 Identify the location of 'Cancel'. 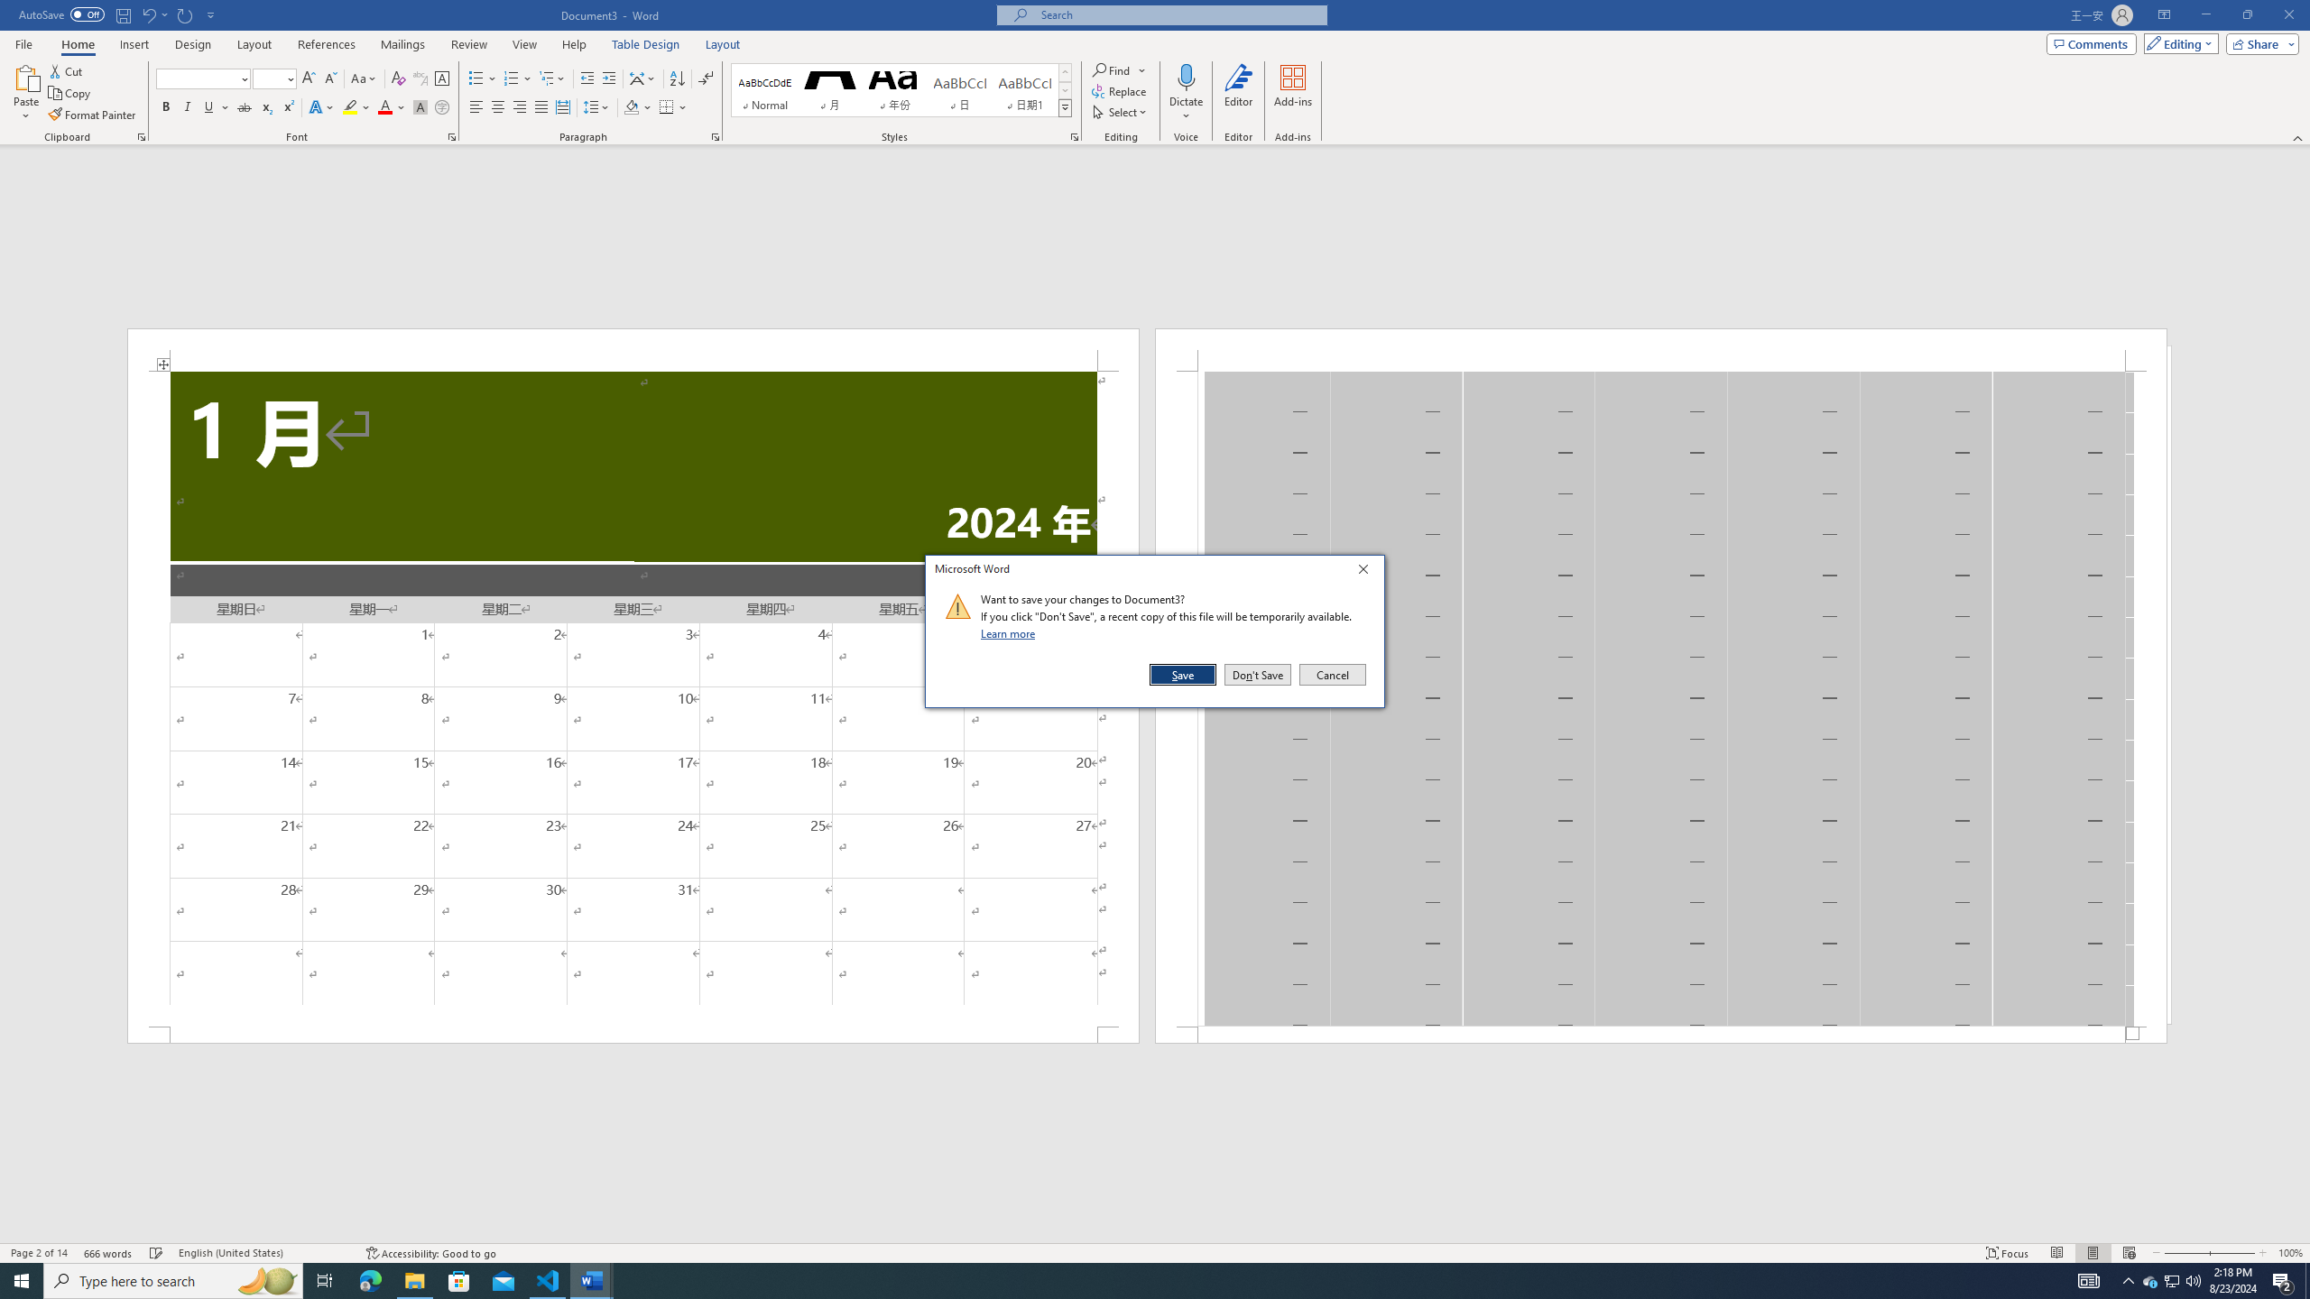
(1331, 674).